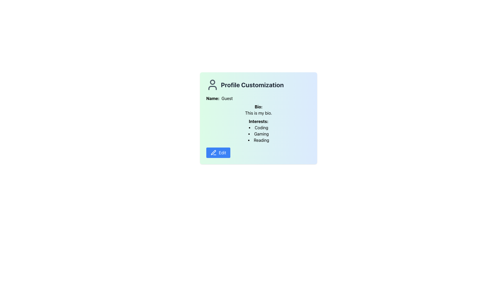 This screenshot has height=282, width=502. Describe the element at coordinates (258, 84) in the screenshot. I see `the 'Profile Customization' heading with the user profile icon, which is styled with a gray font and icon, located at the top of its card-like structure` at that location.